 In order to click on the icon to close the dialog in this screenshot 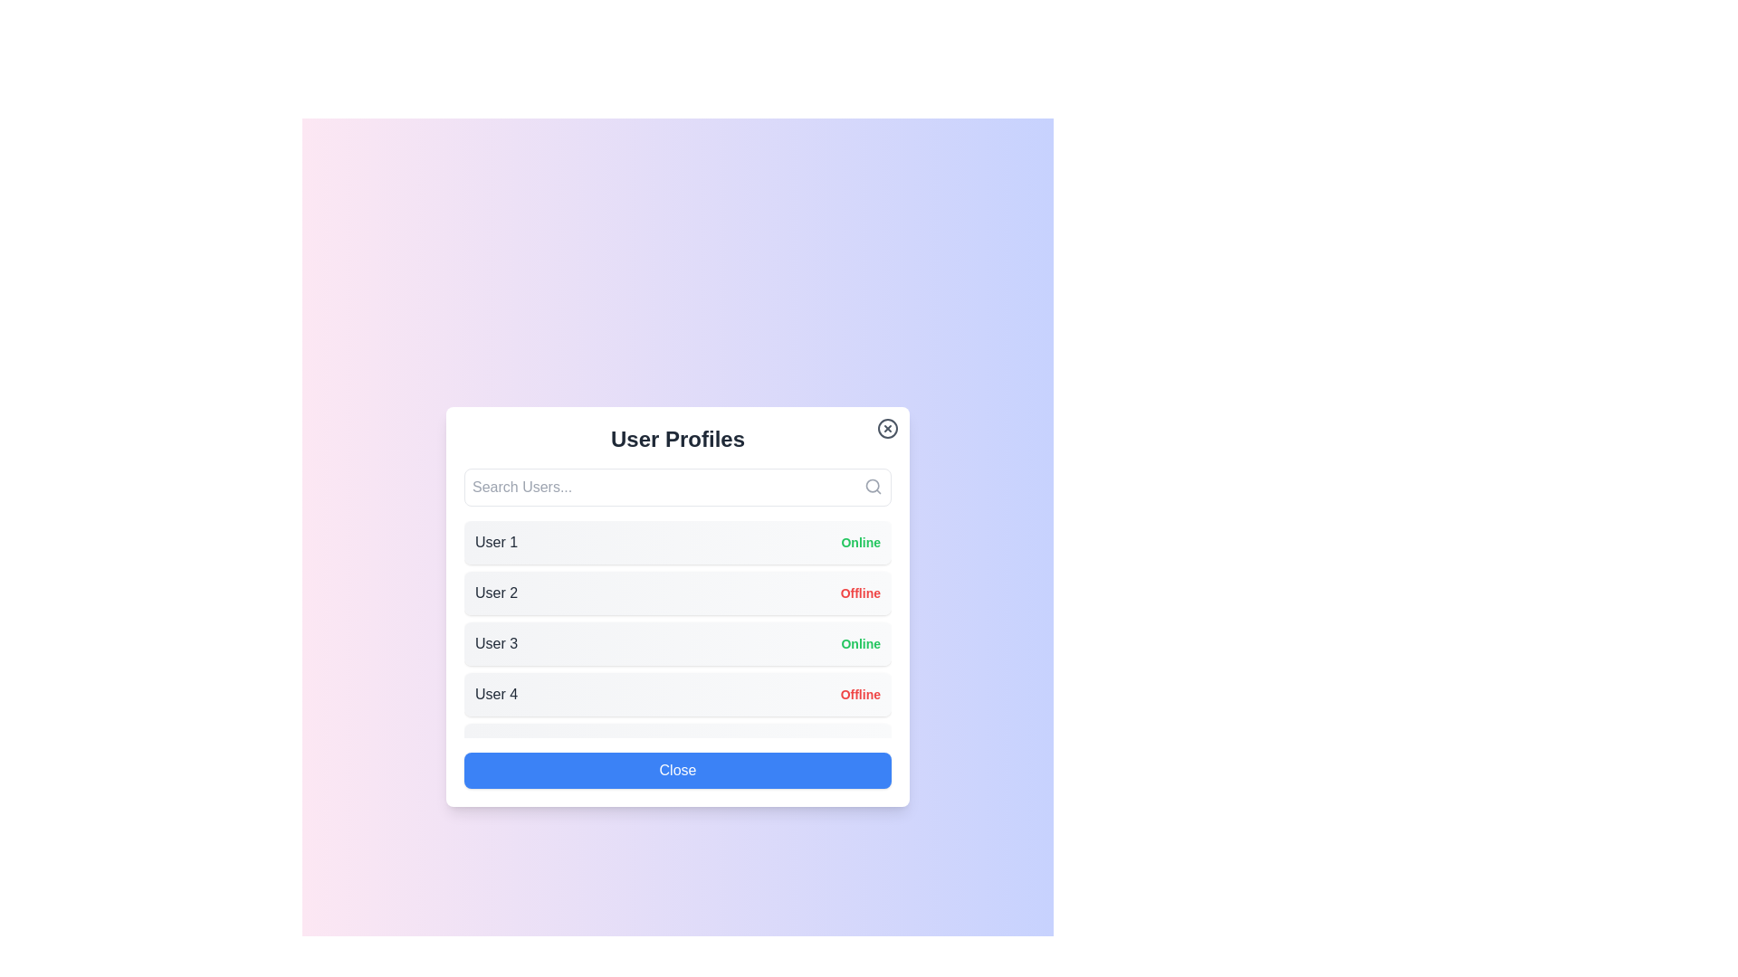, I will do `click(887, 429)`.